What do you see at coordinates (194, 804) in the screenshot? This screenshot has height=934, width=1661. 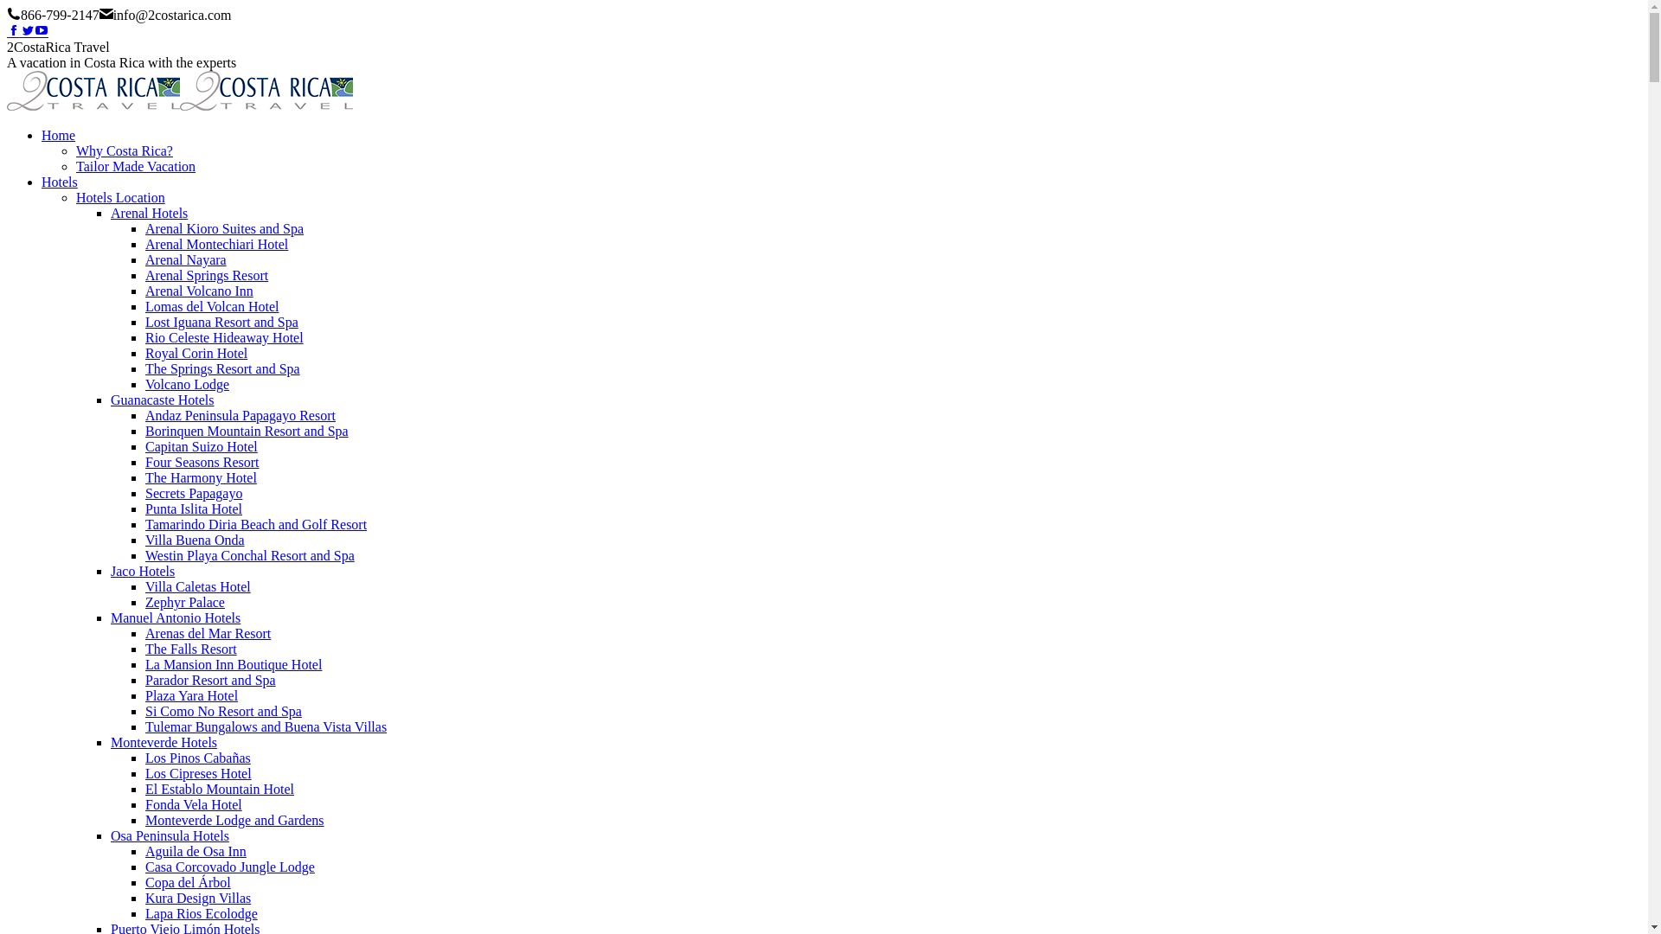 I see `'Fonda Vela Hotel'` at bounding box center [194, 804].